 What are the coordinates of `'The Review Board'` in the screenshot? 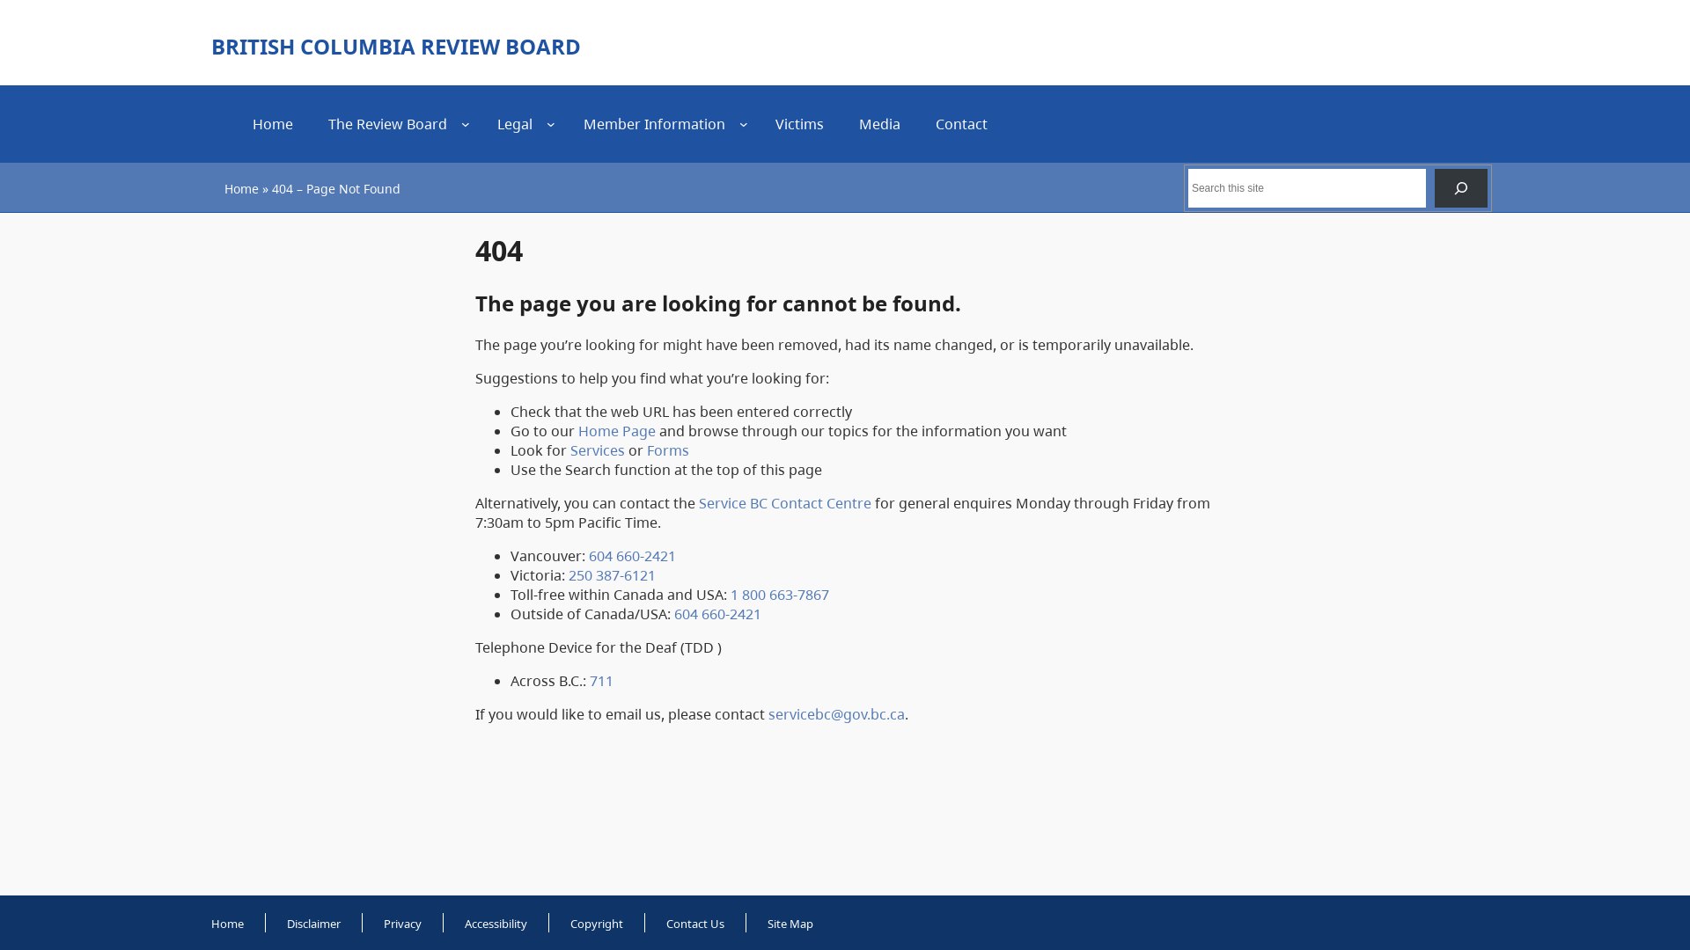 It's located at (312, 123).